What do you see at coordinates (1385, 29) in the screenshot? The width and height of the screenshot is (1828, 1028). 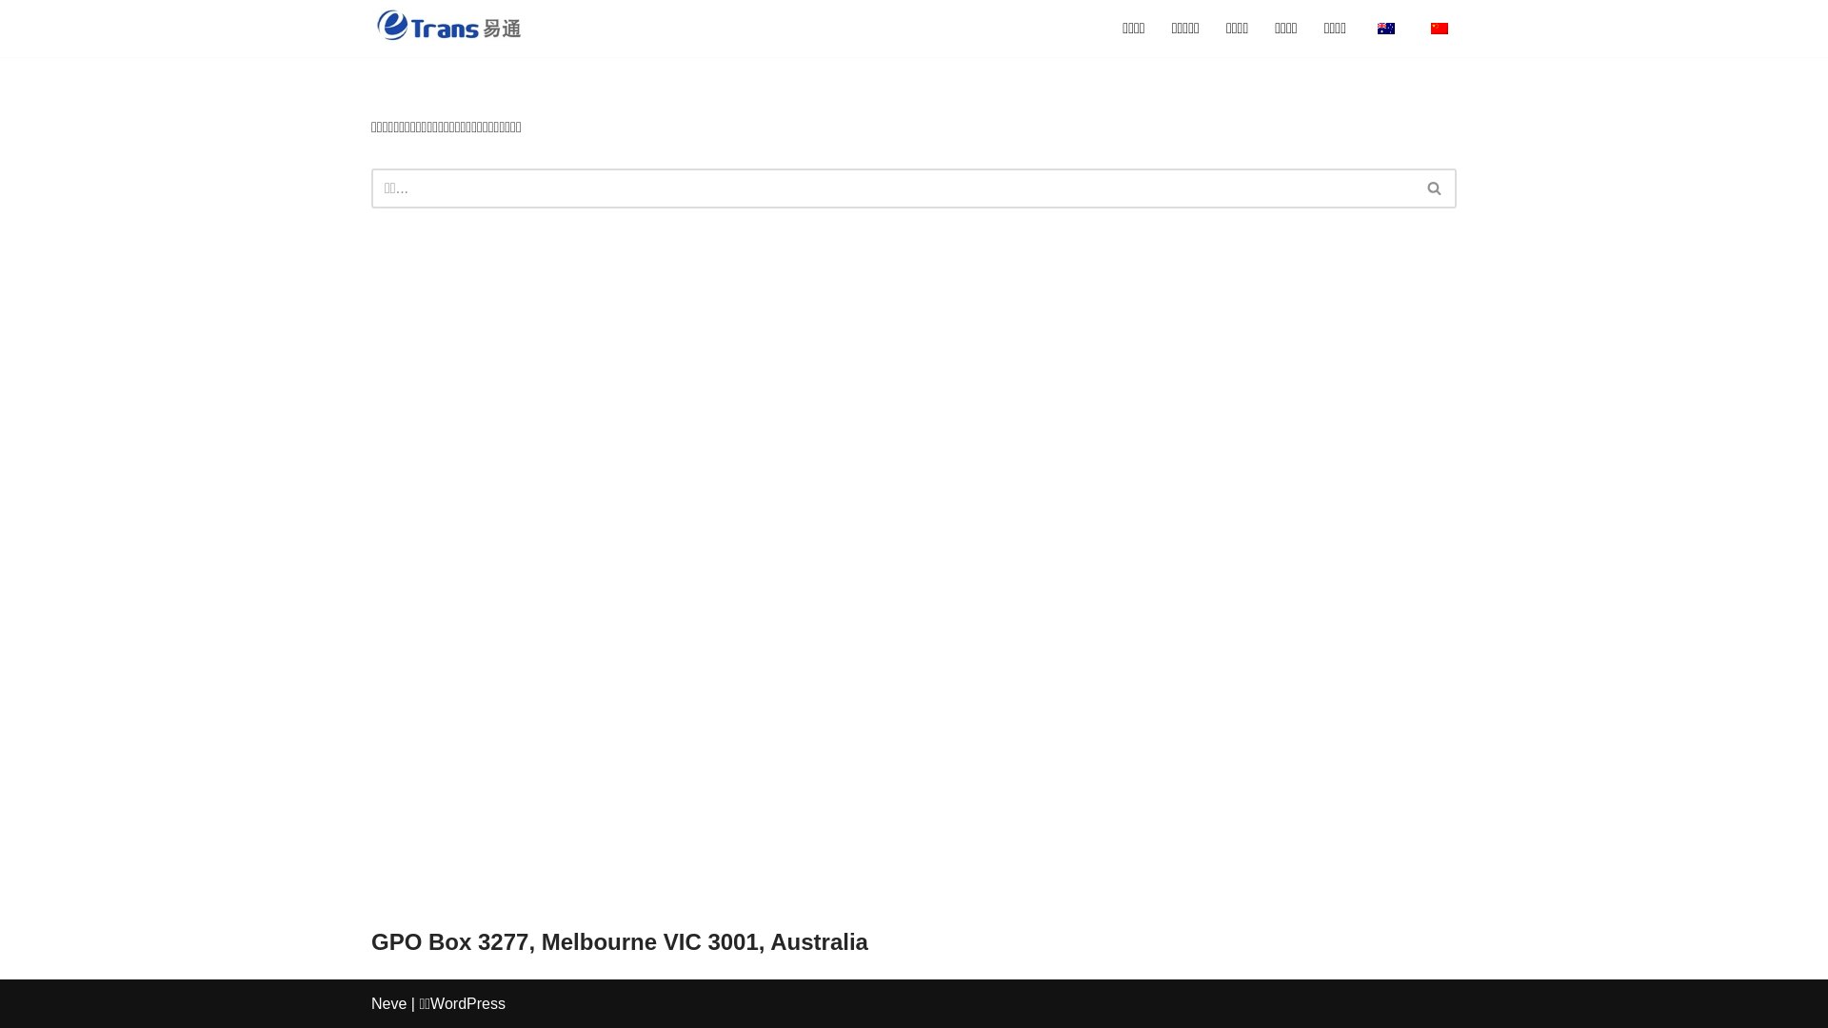 I see `'English (Australia)'` at bounding box center [1385, 29].